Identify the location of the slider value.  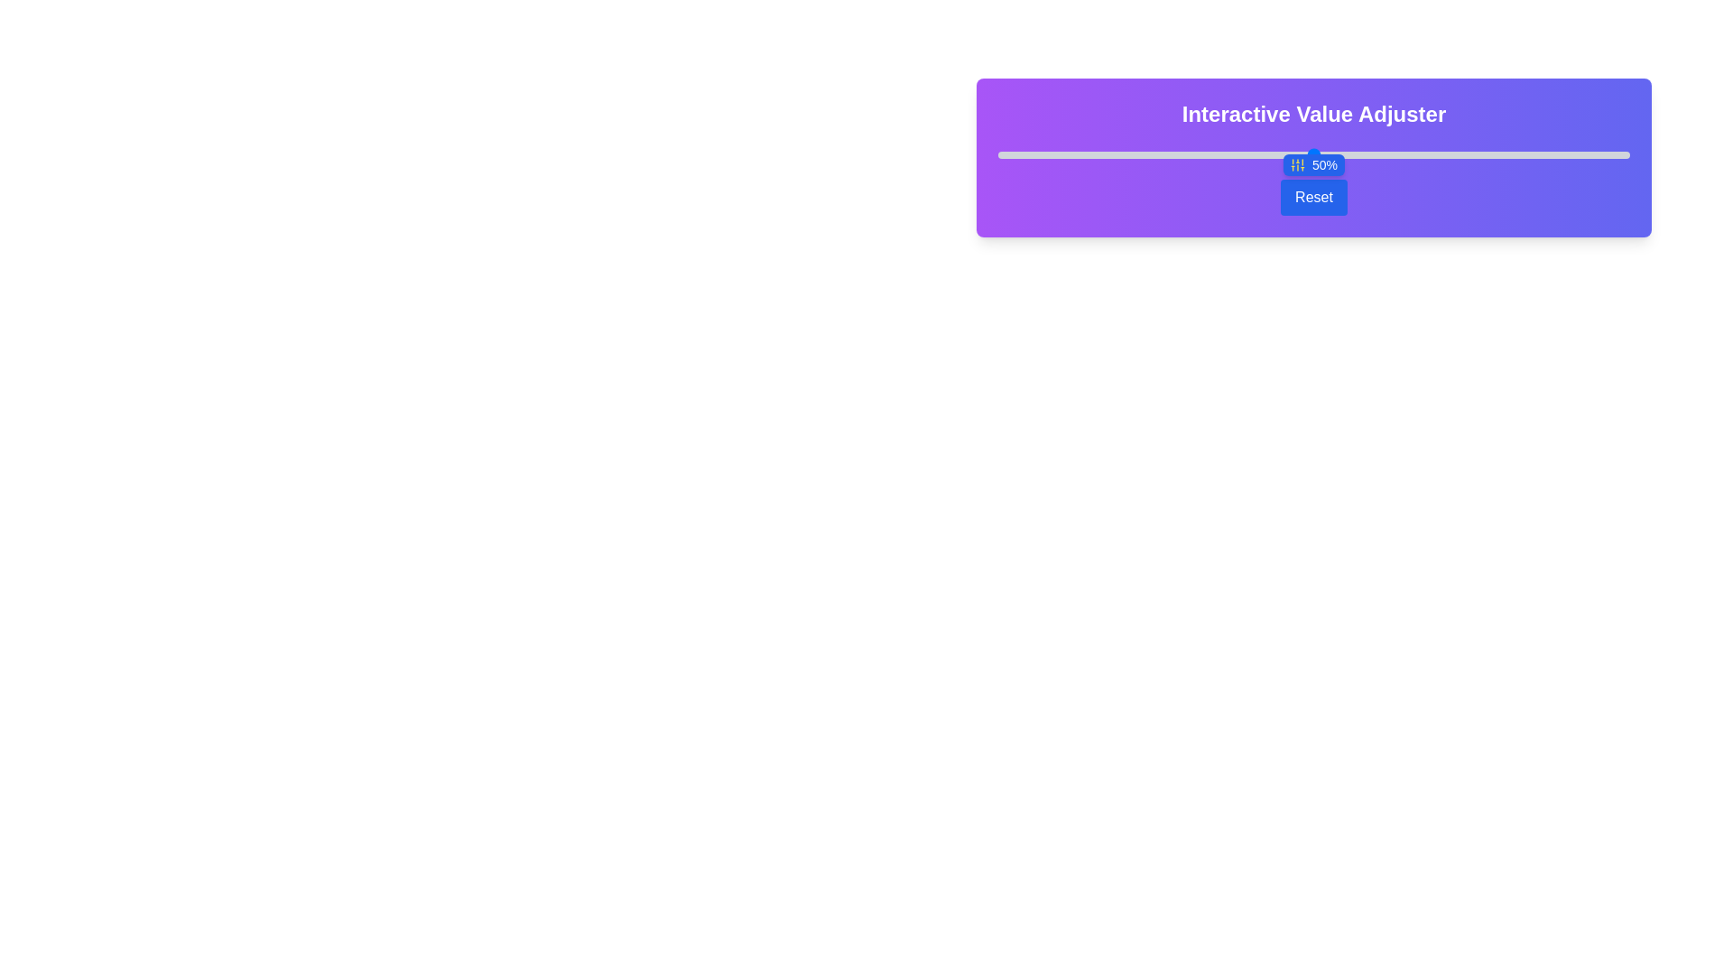
(1528, 154).